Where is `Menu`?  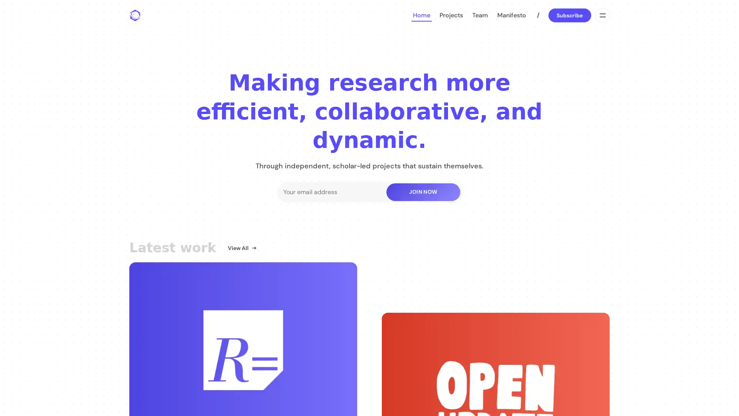
Menu is located at coordinates (602, 15).